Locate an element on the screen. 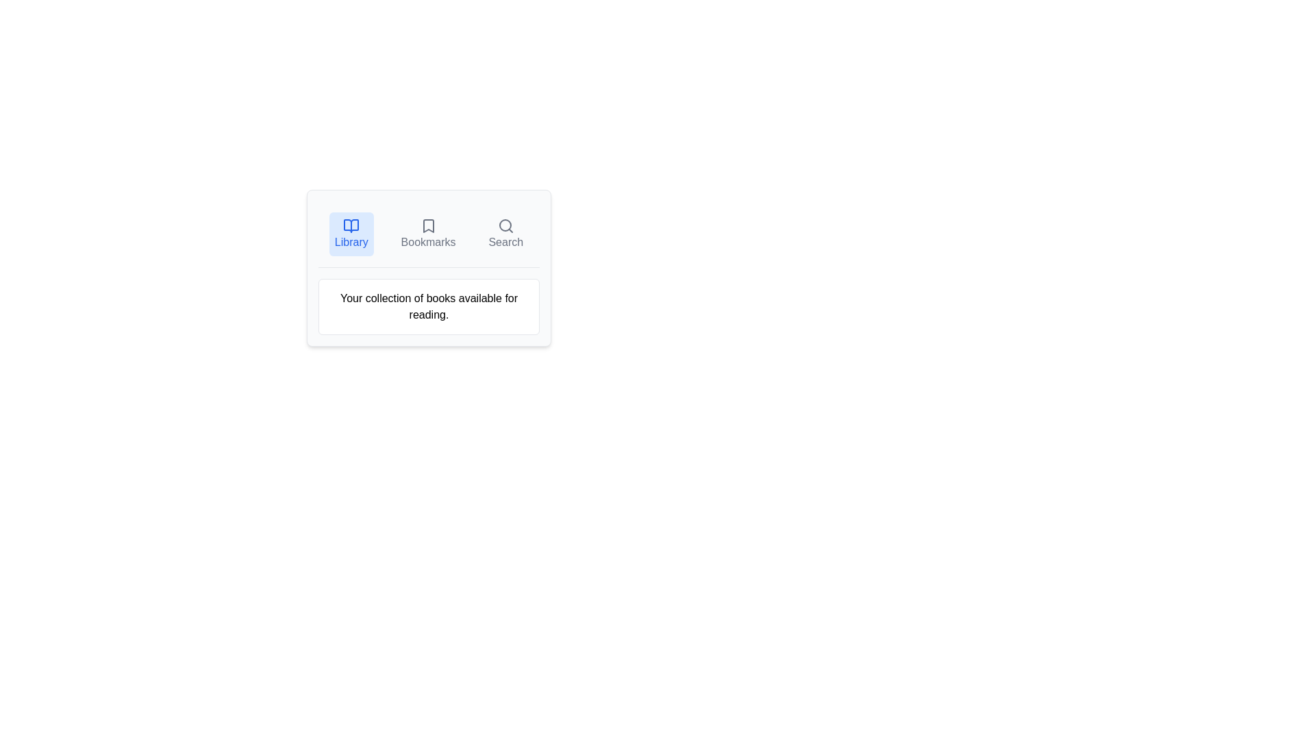 This screenshot has width=1315, height=740. the Search tab to explore its layout visually is located at coordinates (505, 234).